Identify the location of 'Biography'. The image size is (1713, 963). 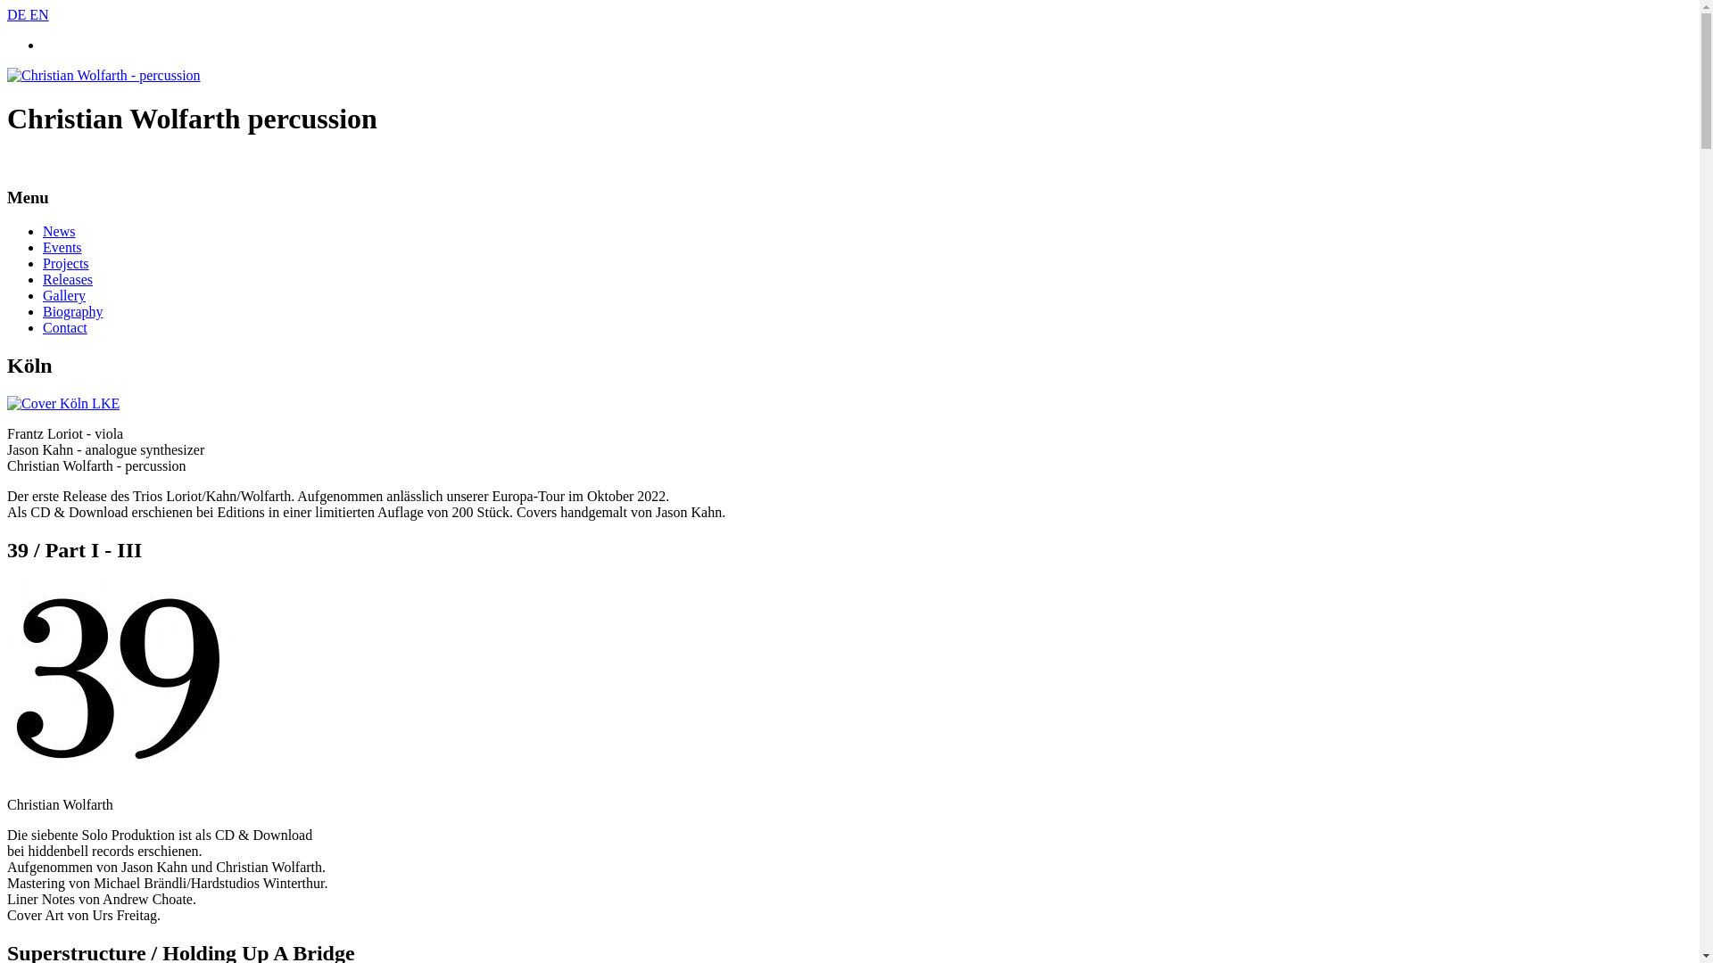
(43, 310).